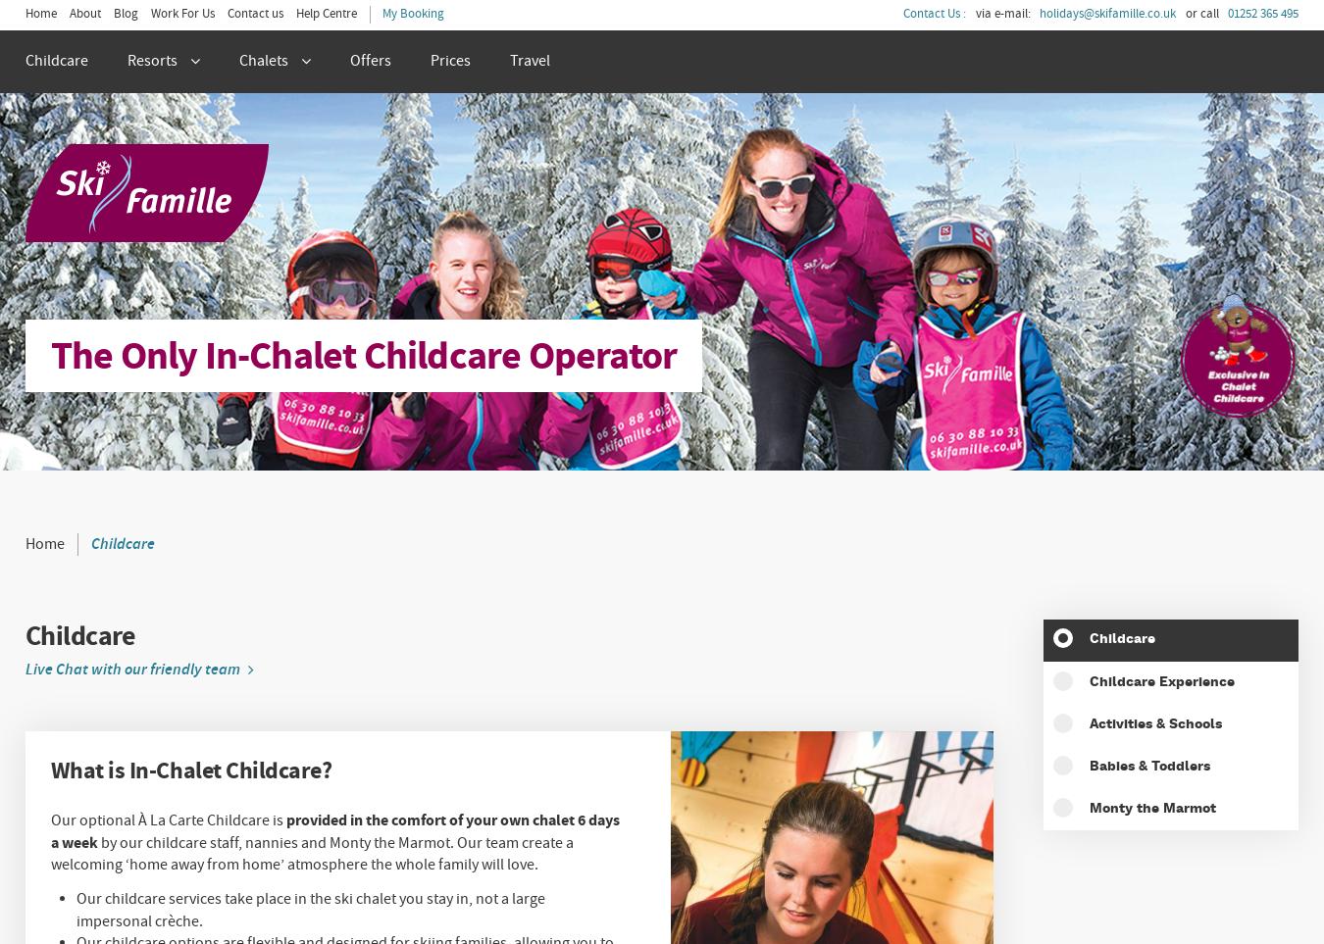 The width and height of the screenshot is (1324, 944). What do you see at coordinates (368, 205) in the screenshot?
I see `'Chalet Bramble'` at bounding box center [368, 205].